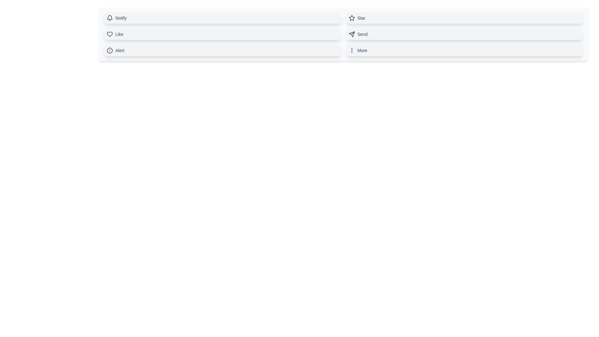 This screenshot has height=337, width=599. I want to click on the bell icon that represents the notification function located to the left of the 'Notify' button, so click(110, 17).